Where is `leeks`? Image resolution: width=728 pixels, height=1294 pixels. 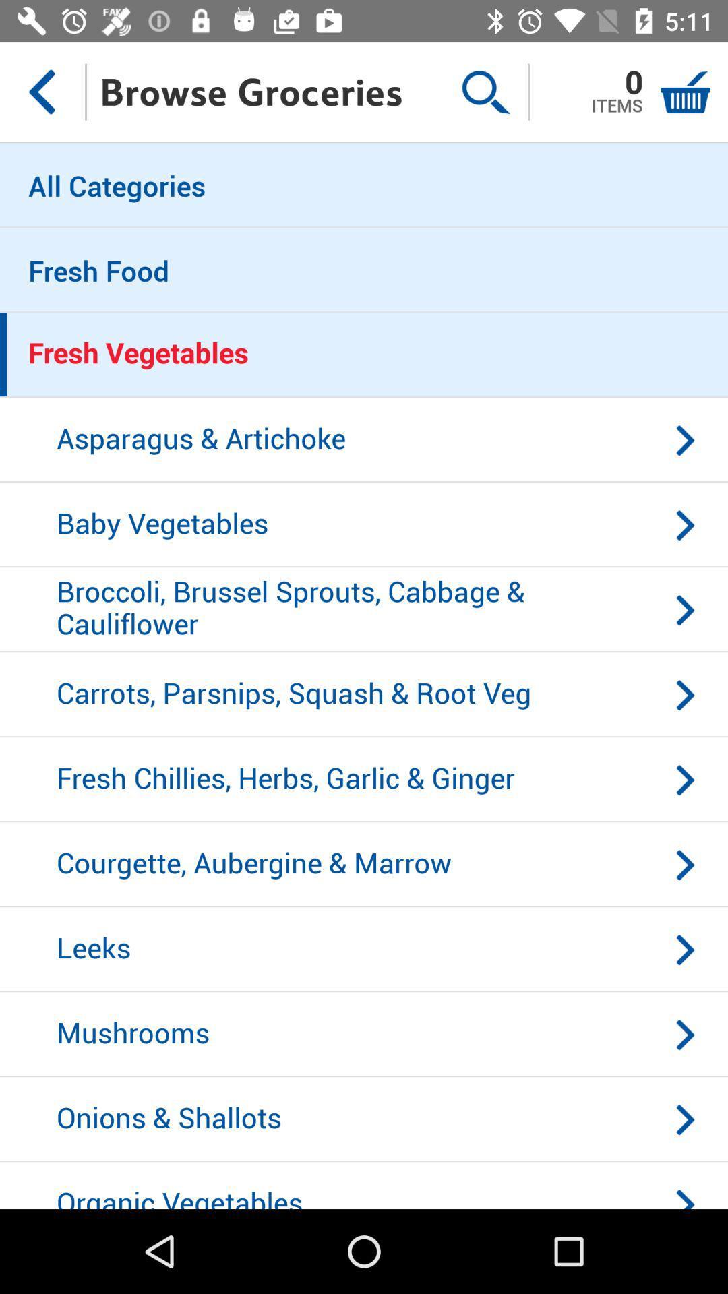 leeks is located at coordinates (364, 949).